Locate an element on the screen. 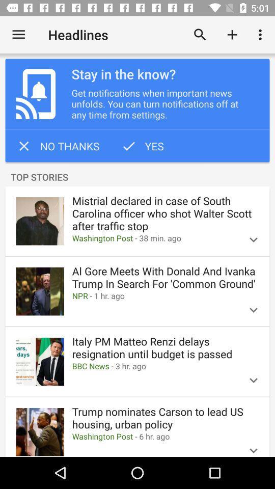 The image size is (275, 489). the icon to the right of no thanks is located at coordinates (142, 145).